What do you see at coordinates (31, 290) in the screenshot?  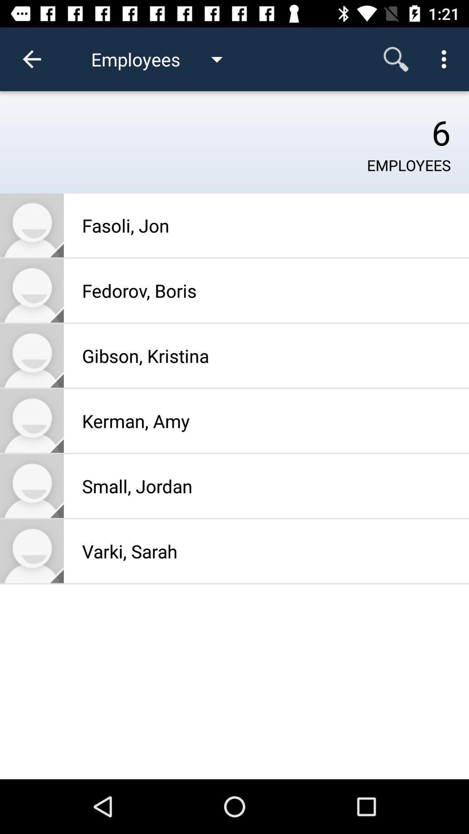 I see `see picture` at bounding box center [31, 290].